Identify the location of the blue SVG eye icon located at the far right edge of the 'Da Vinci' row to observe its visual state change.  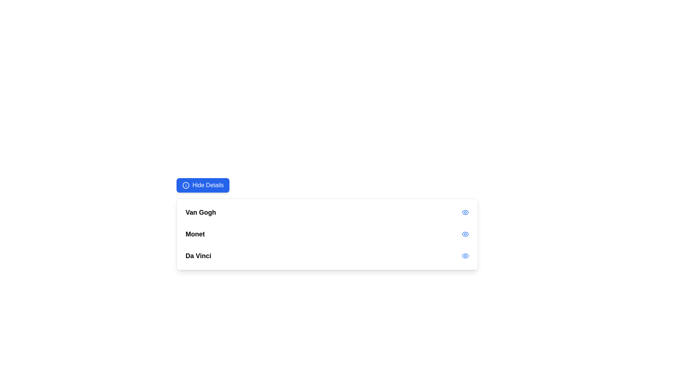
(465, 255).